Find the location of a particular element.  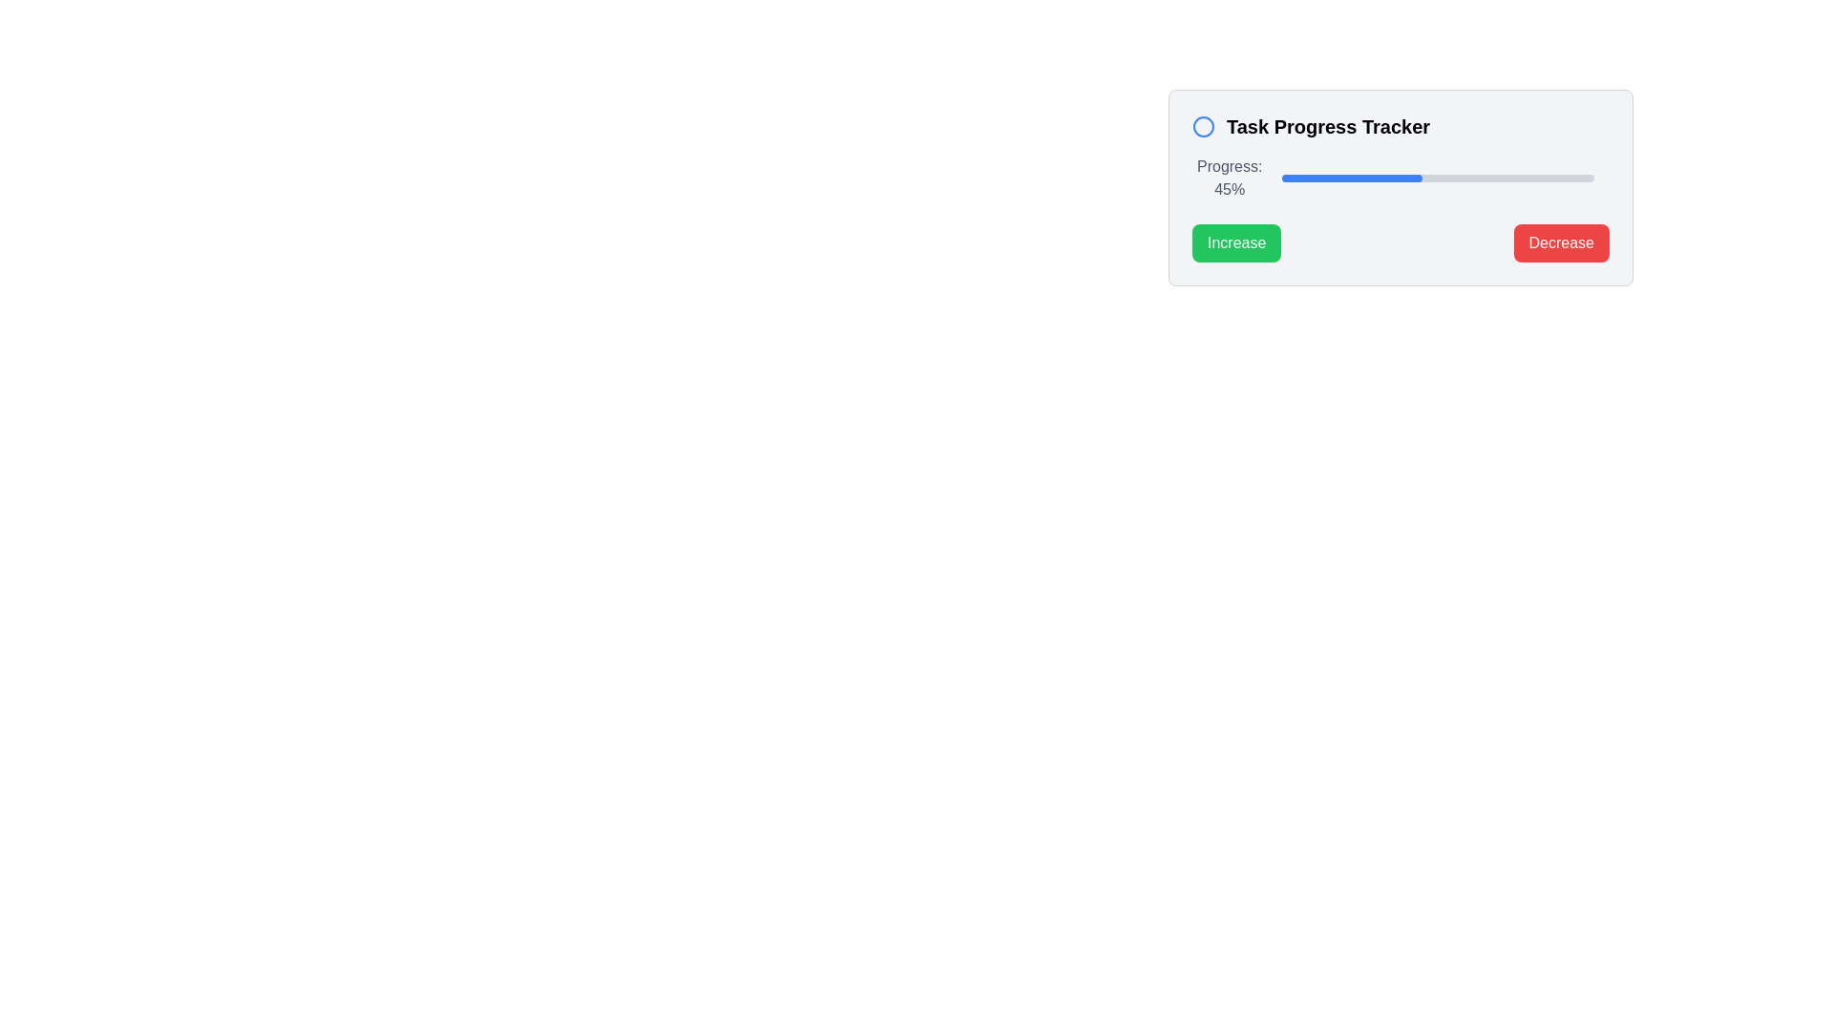

the circular SVG graphic element located beside the header text 'Task Progress Tracker' is located at coordinates (1203, 126).